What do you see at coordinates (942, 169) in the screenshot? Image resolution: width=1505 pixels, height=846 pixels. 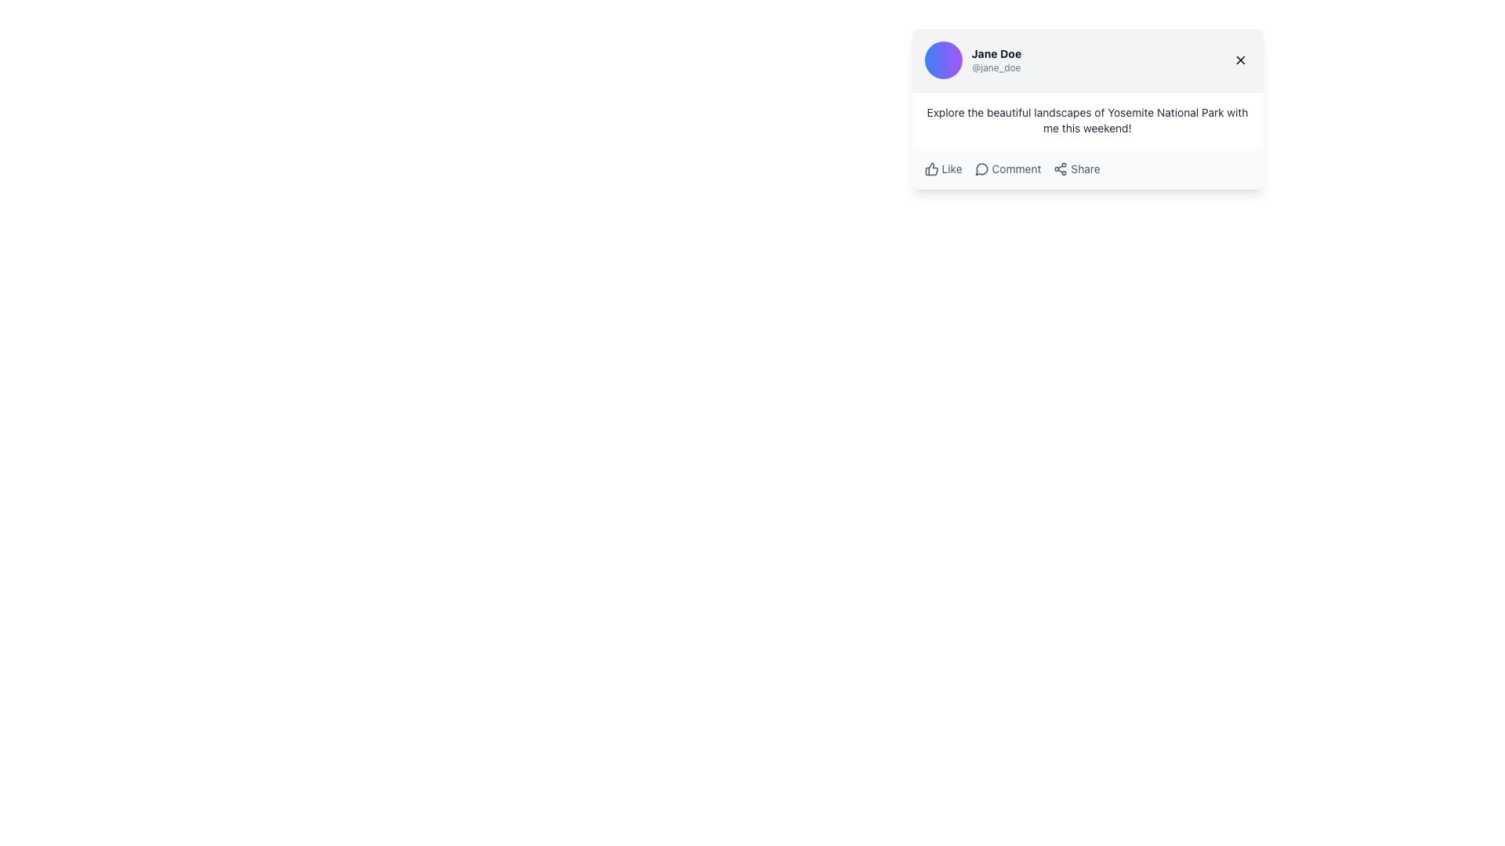 I see `the 'Like' button, which is the first button in a group of three buttons located below the post content in the card` at bounding box center [942, 169].